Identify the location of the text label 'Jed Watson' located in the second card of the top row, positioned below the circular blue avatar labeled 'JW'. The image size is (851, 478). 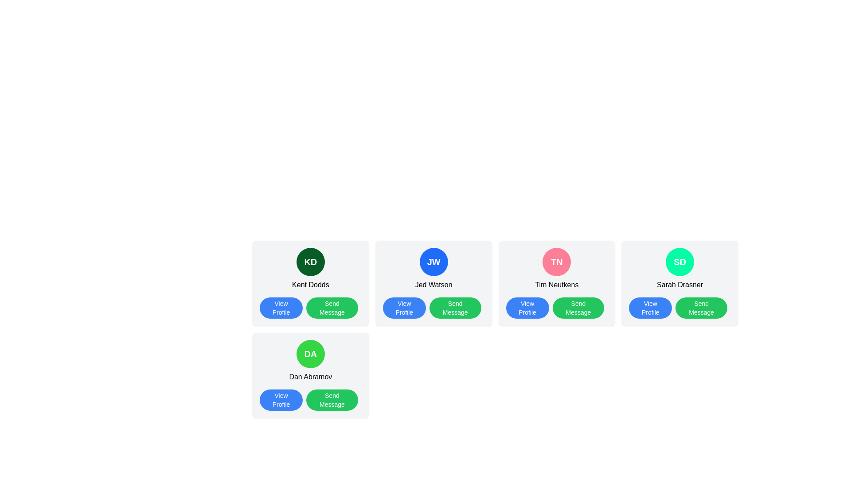
(433, 285).